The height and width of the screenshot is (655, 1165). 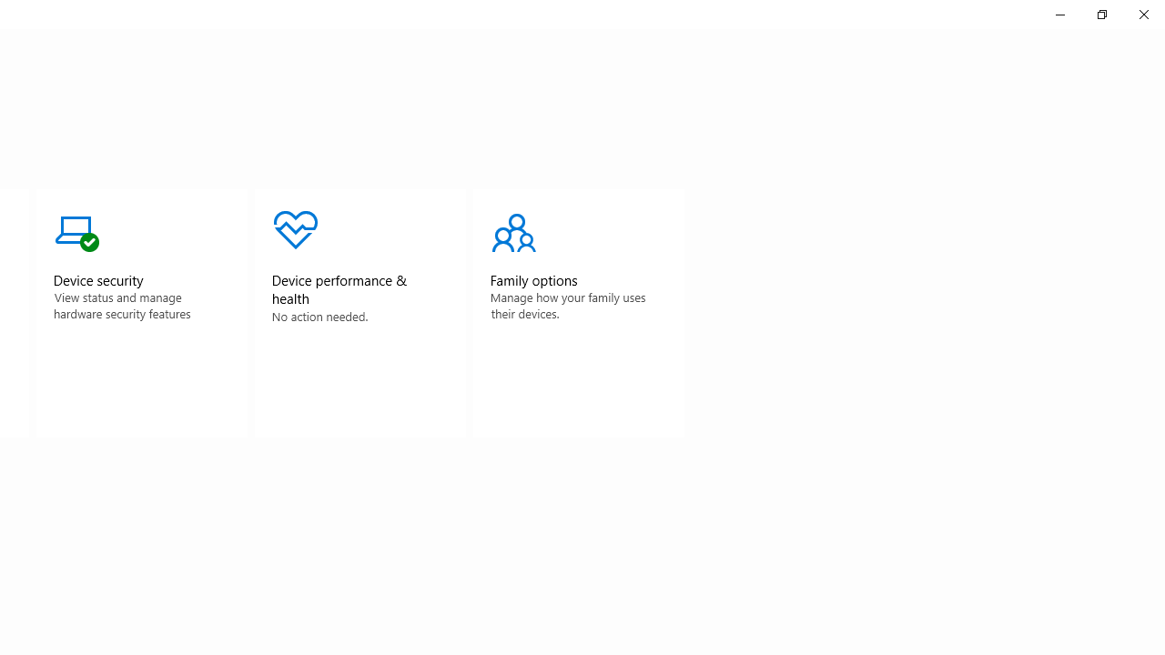 What do you see at coordinates (360, 312) in the screenshot?
I see `'Device performance & healthNo action needed.'` at bounding box center [360, 312].